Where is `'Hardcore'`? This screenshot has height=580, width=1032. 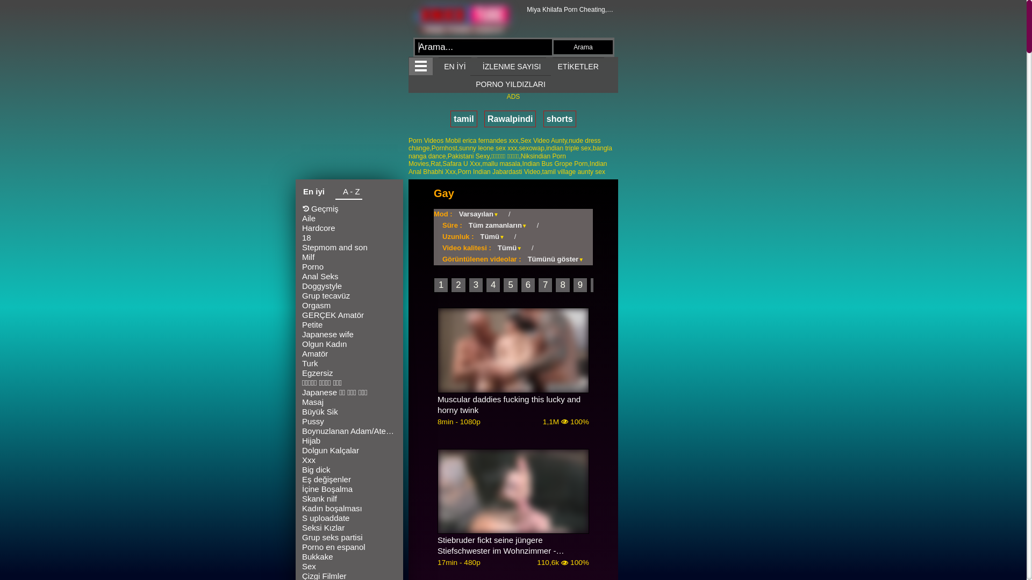
'Hardcore' is located at coordinates (349, 227).